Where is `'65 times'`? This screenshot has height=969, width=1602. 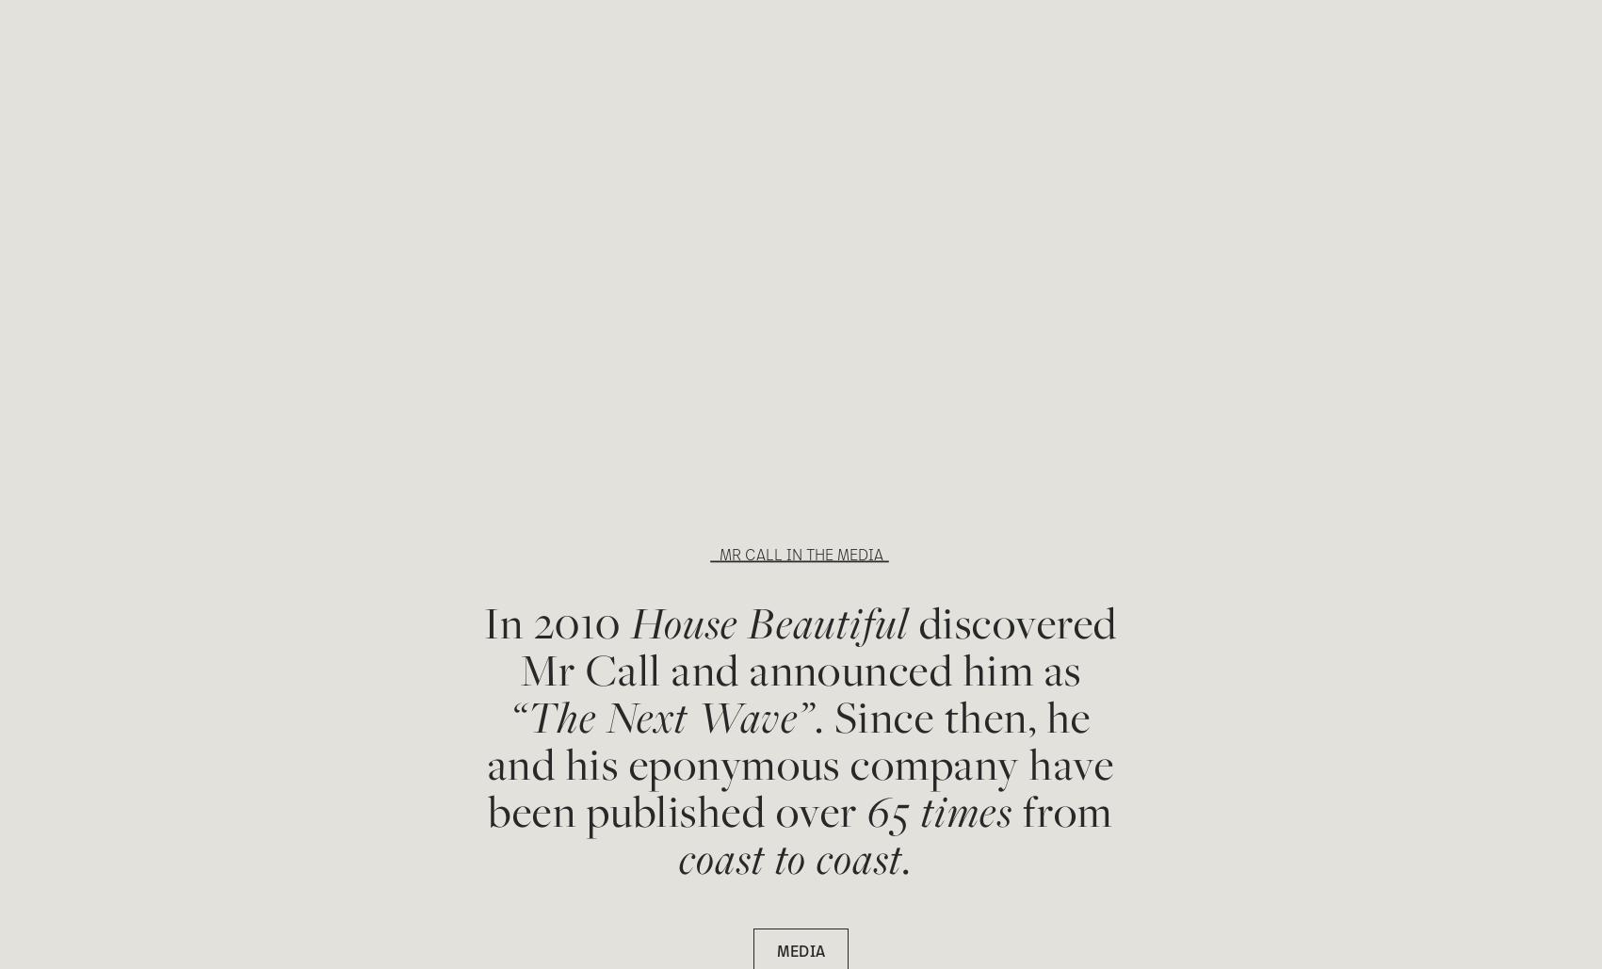
'65 times' is located at coordinates (939, 809).